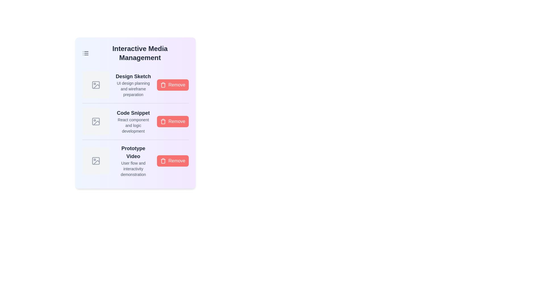  Describe the element at coordinates (96, 121) in the screenshot. I see `the media icon corresponding to Code Snippet` at that location.